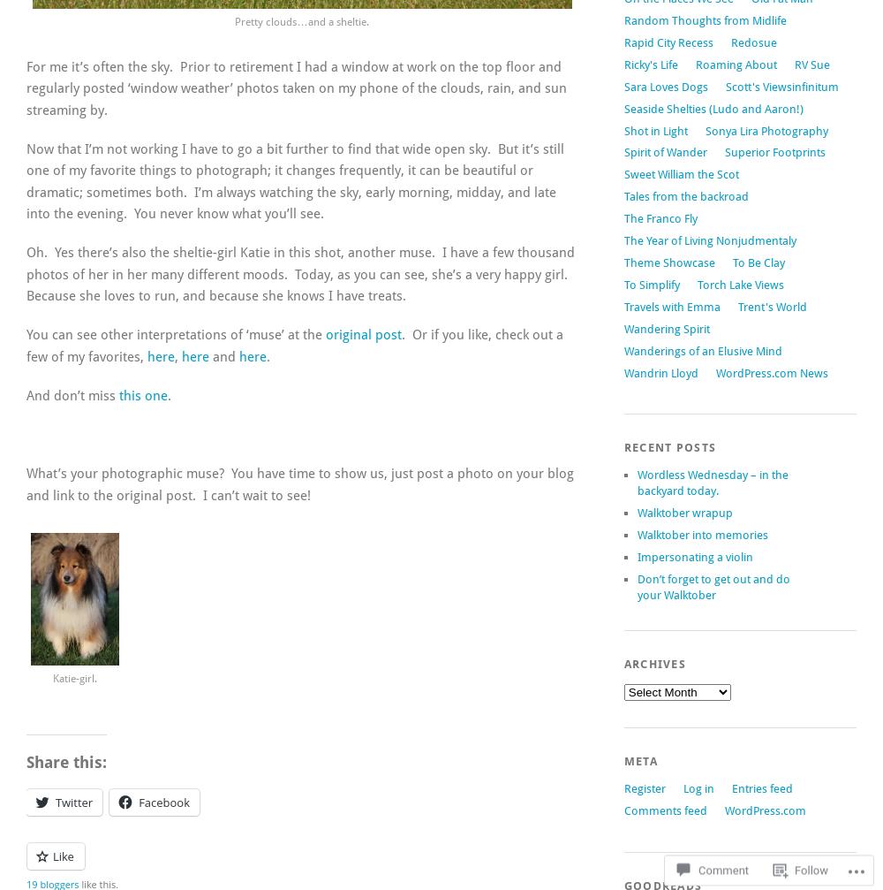 Image resolution: width=883 pixels, height=890 pixels. Describe the element at coordinates (72, 395) in the screenshot. I see `'And don’t miss'` at that location.